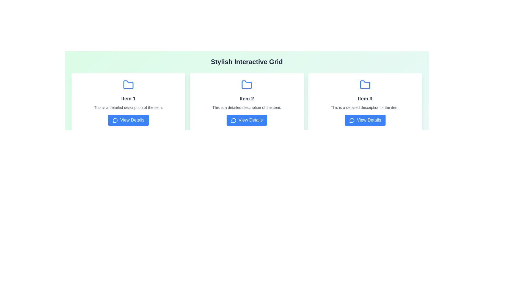  Describe the element at coordinates (233, 120) in the screenshot. I see `the circular icon with an arrow-like shape, located just below the 'View Details' button for 'Item 2' in the interactive grid layout` at that location.